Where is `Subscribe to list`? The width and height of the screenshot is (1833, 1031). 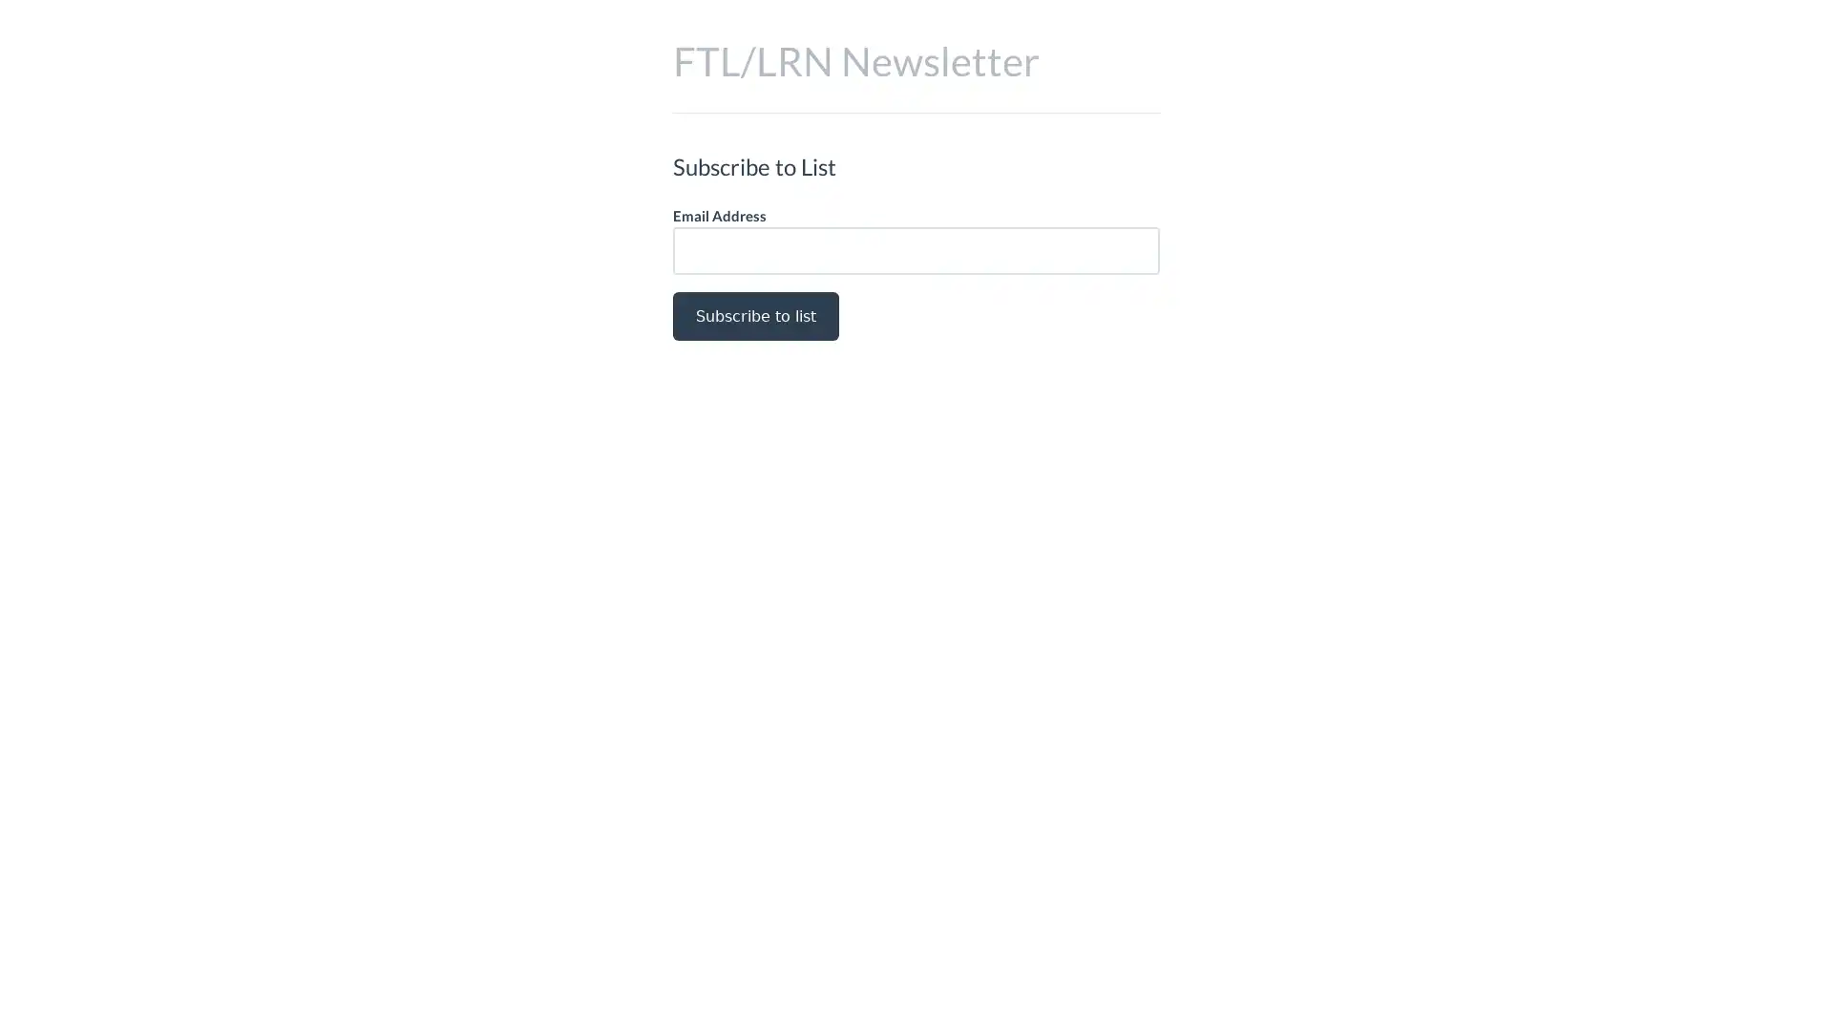
Subscribe to list is located at coordinates (755, 315).